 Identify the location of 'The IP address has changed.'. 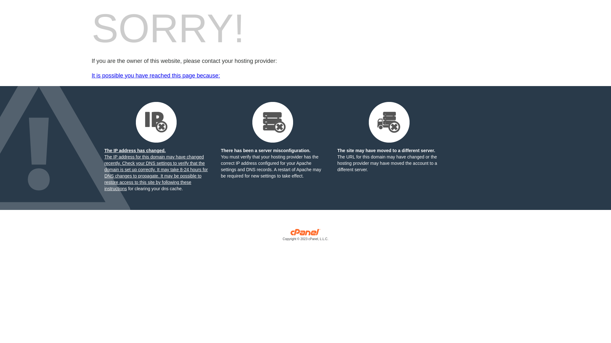
(156, 126).